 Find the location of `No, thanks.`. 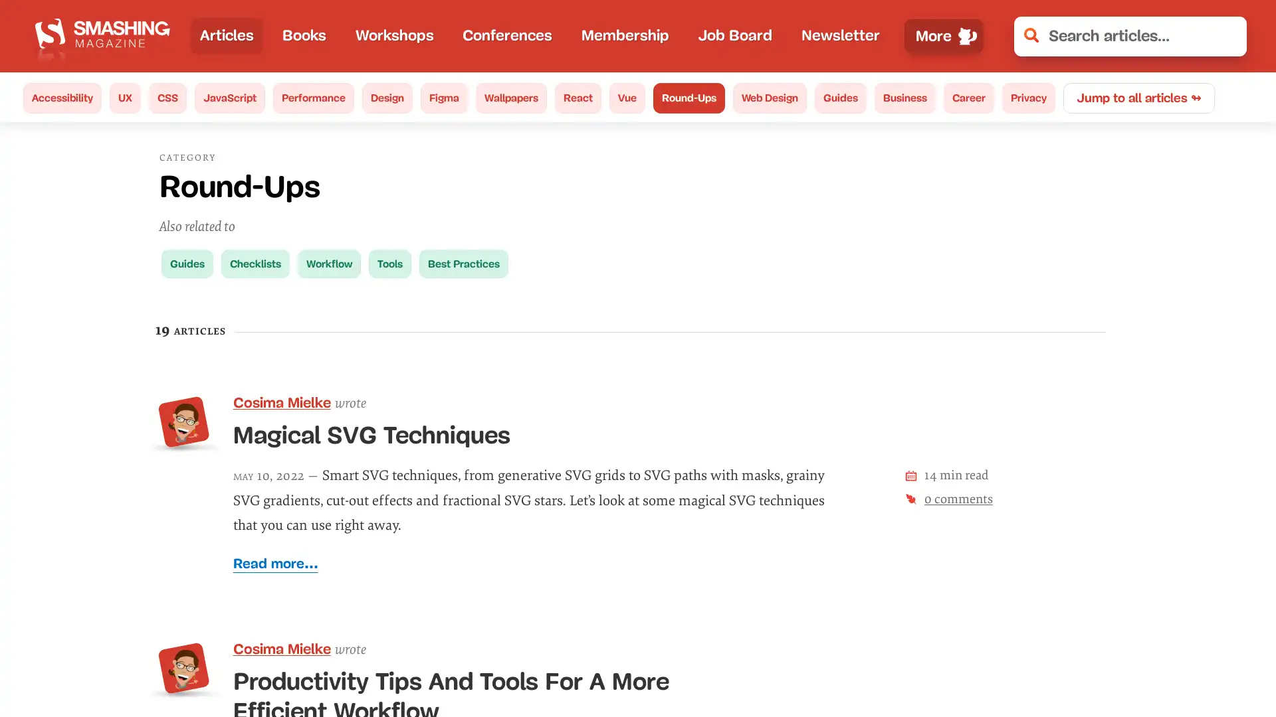

No, thanks. is located at coordinates (1047, 663).